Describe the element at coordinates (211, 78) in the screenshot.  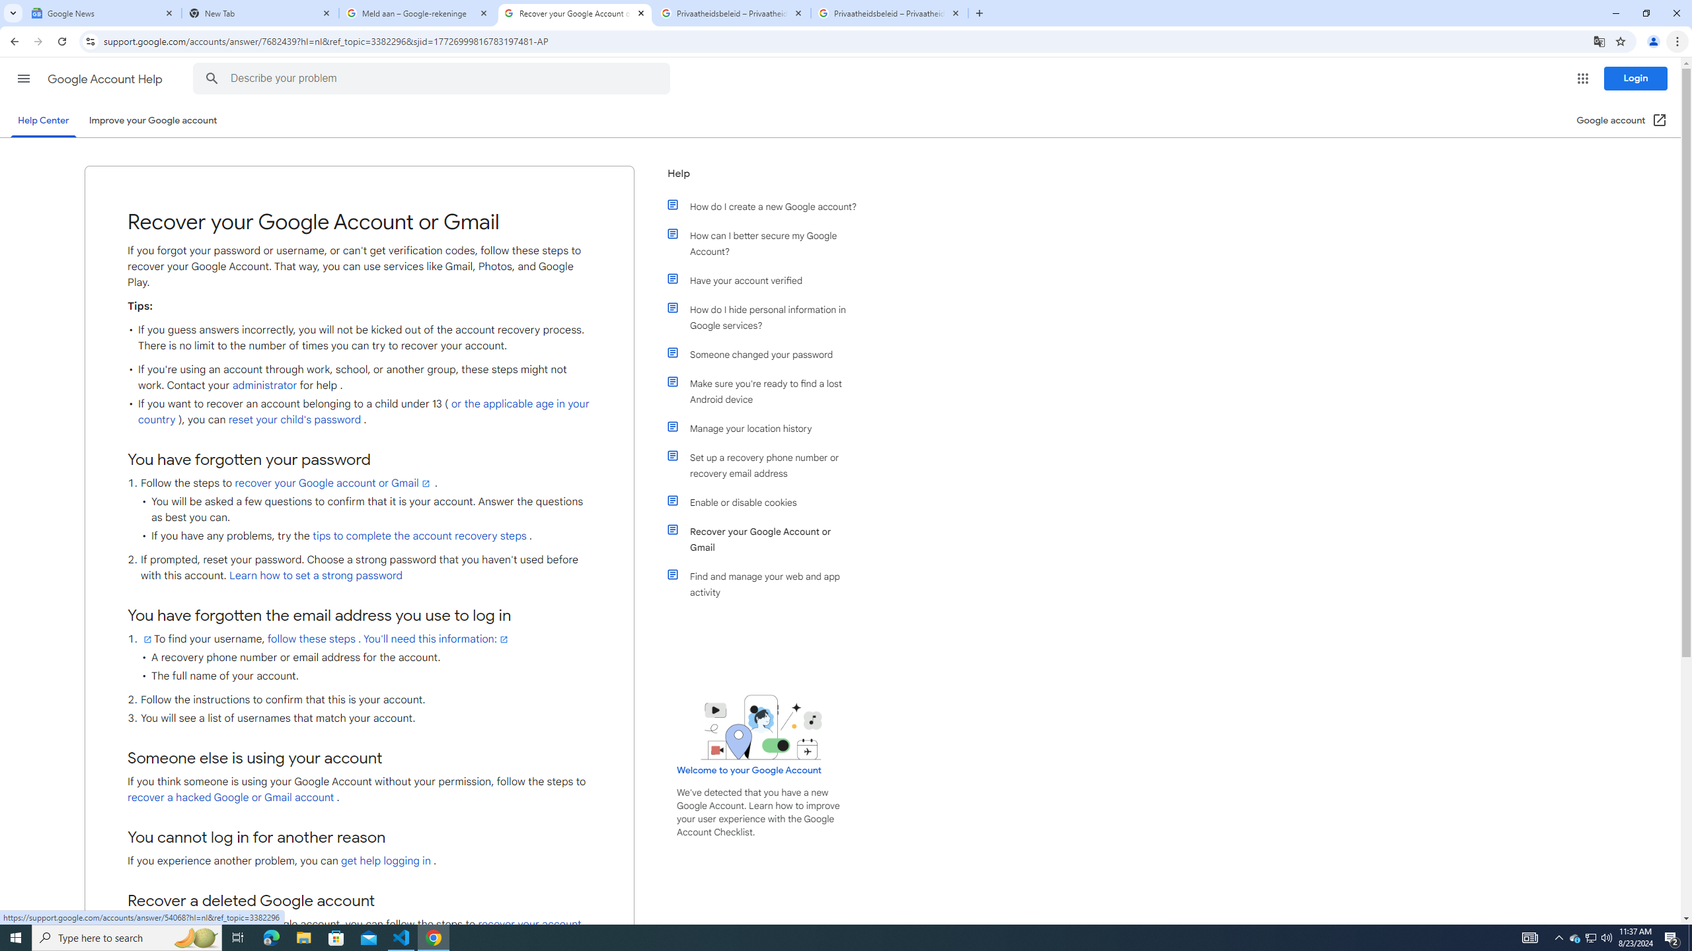
I see `'Search the Help Center'` at that location.